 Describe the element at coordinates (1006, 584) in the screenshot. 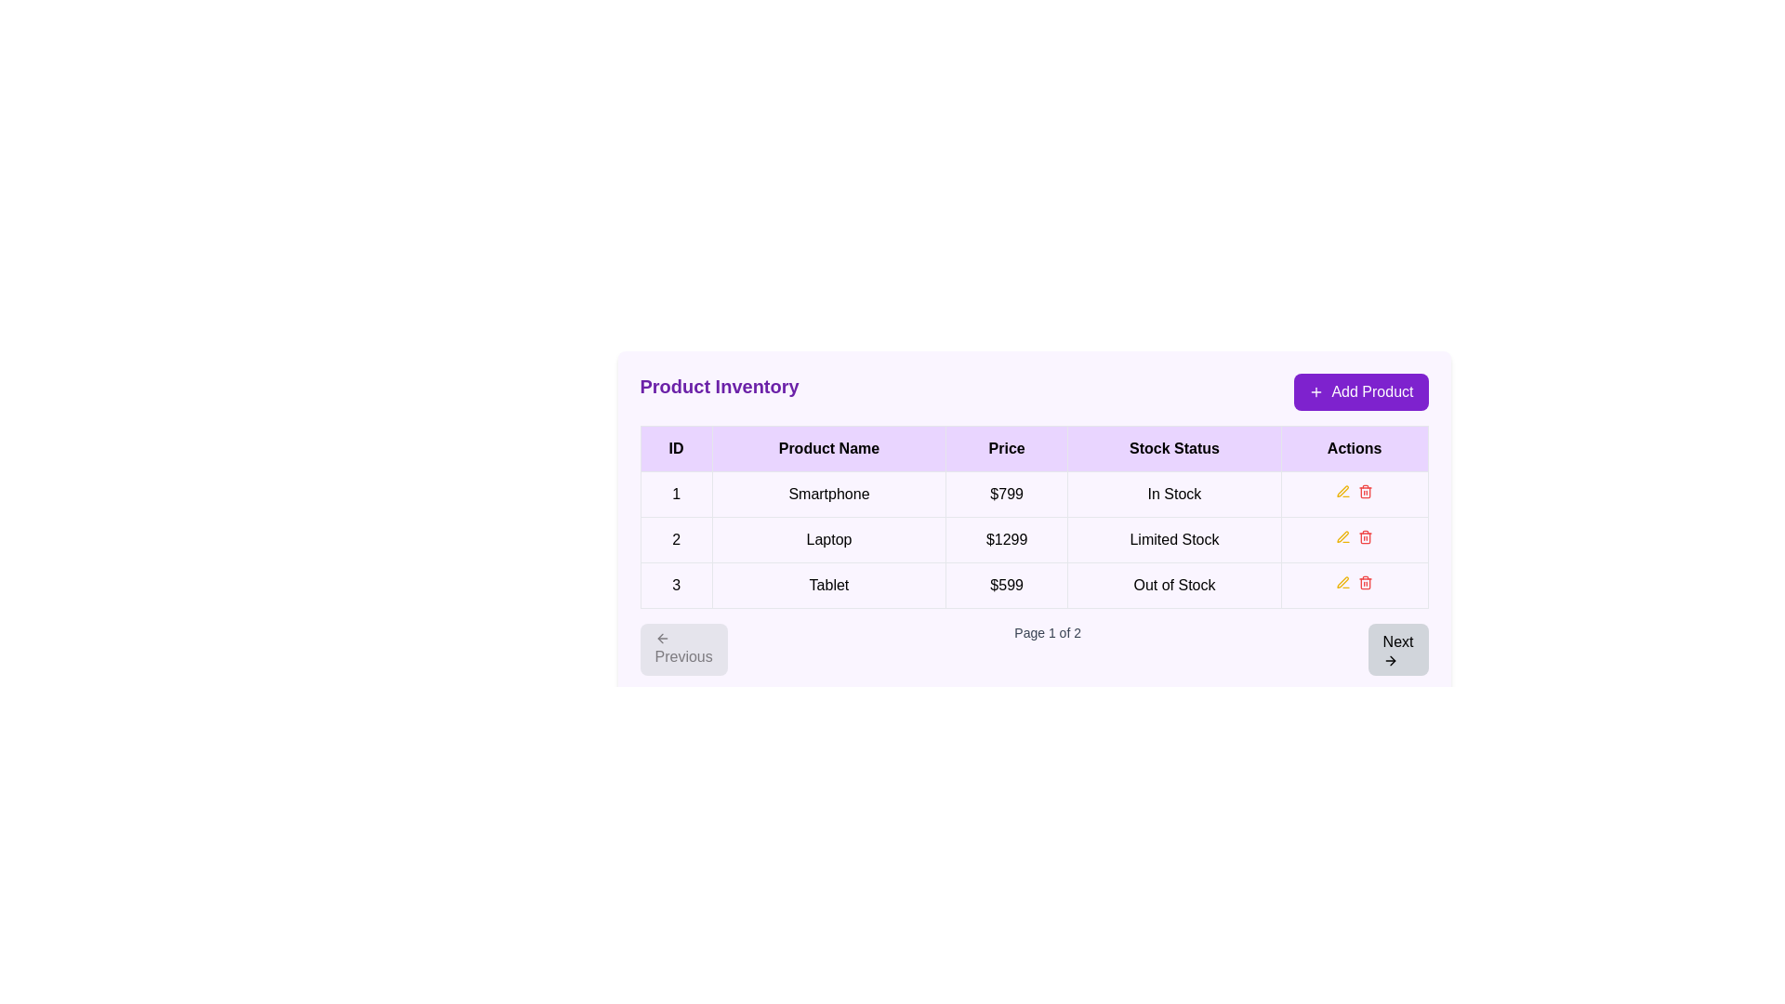

I see `the static text label displaying the price of the product (Tablet) located in the third row of the table under the 'Price' column to focus on the price information` at that location.